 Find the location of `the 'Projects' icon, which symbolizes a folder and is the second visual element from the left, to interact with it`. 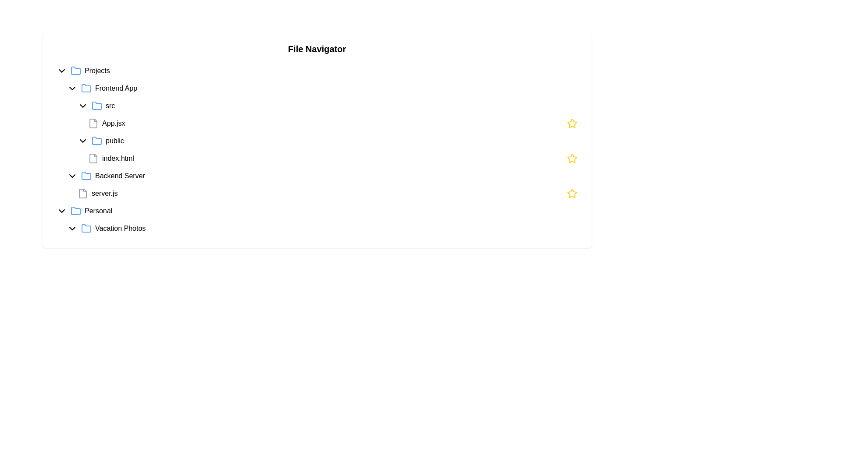

the 'Projects' icon, which symbolizes a folder and is the second visual element from the left, to interact with it is located at coordinates (75, 71).